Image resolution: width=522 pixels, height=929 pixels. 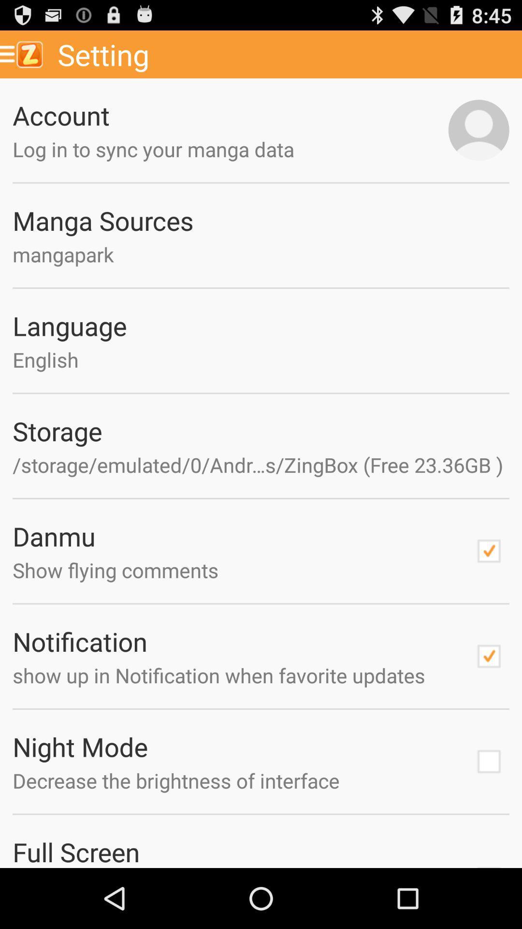 What do you see at coordinates (478, 139) in the screenshot?
I see `the avatar icon` at bounding box center [478, 139].